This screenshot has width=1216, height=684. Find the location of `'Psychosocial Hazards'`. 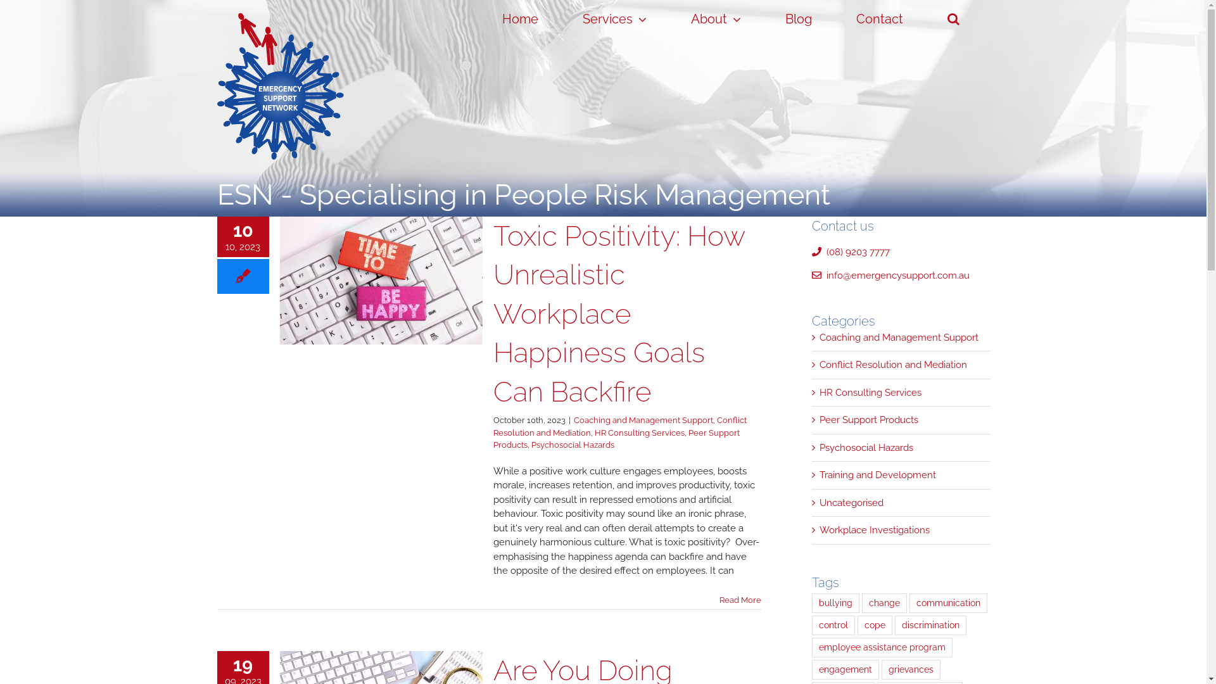

'Psychosocial Hazards' is located at coordinates (901, 447).